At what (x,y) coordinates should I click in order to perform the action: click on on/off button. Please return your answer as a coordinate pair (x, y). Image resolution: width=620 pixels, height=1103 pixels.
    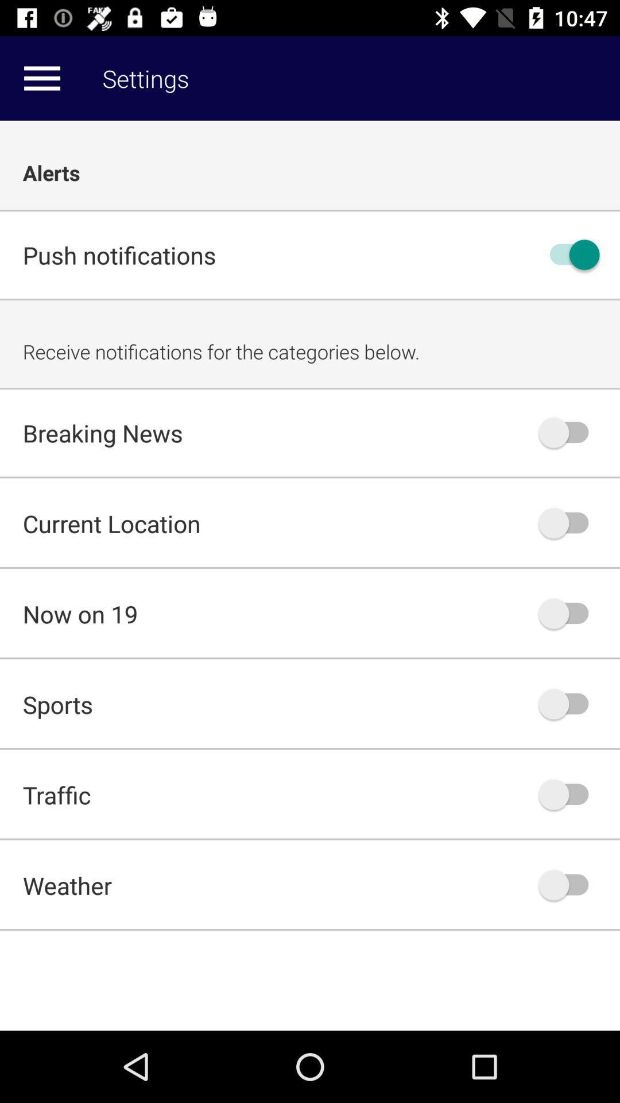
    Looking at the image, I should click on (569, 432).